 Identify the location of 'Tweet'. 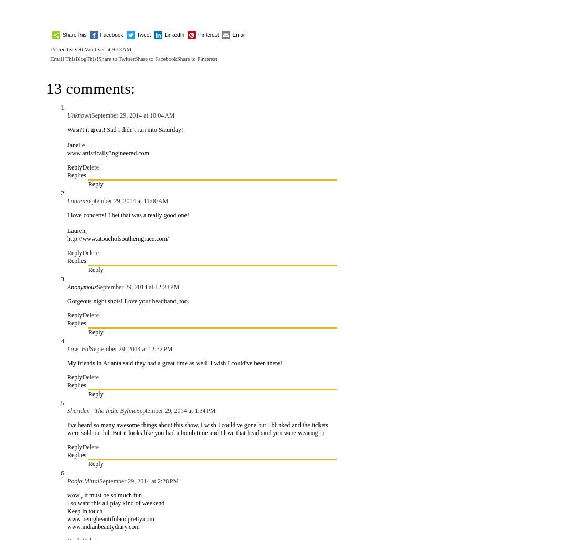
(143, 35).